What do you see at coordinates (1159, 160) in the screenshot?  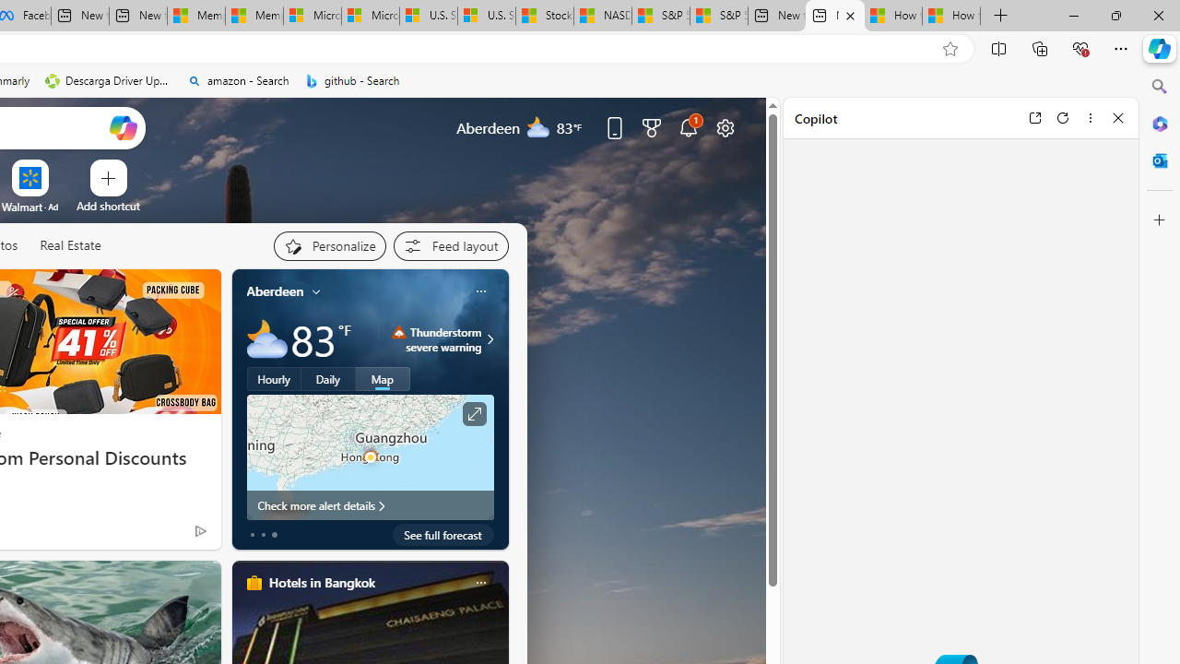 I see `'Outlook'` at bounding box center [1159, 160].